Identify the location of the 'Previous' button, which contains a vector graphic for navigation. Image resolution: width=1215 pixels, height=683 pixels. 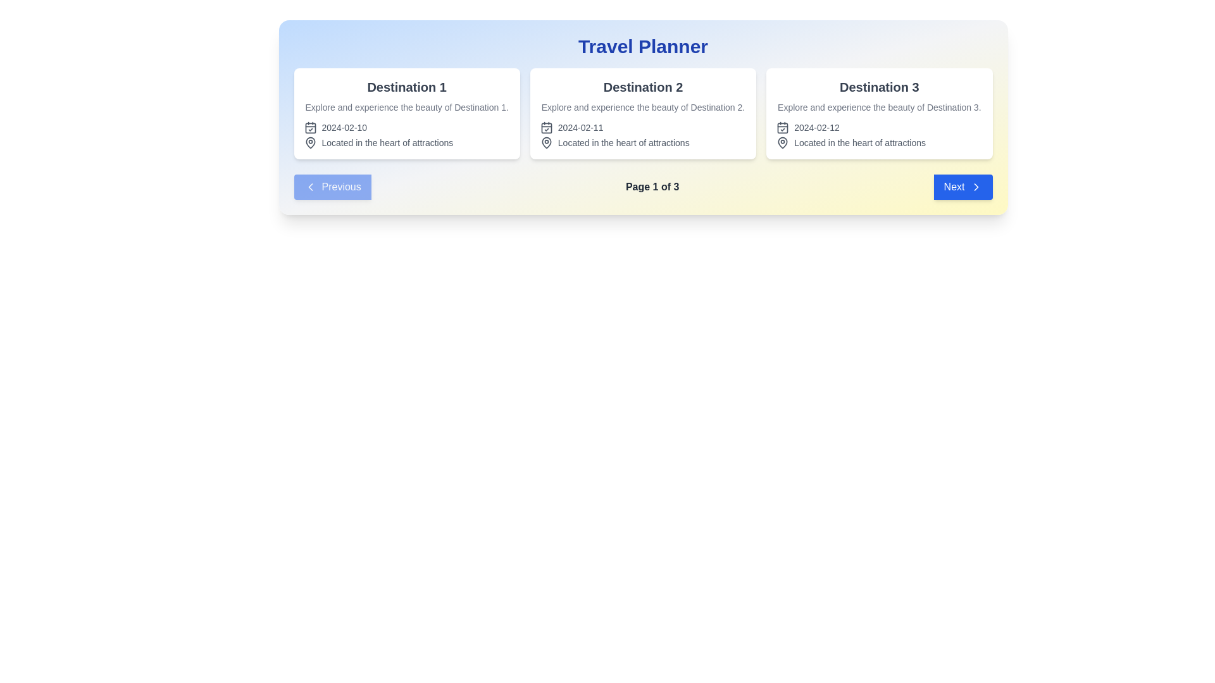
(310, 187).